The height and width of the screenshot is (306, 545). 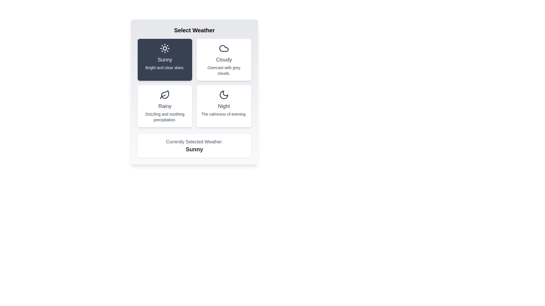 I want to click on the weather button Cloudy to observe its hover effect, so click(x=223, y=60).